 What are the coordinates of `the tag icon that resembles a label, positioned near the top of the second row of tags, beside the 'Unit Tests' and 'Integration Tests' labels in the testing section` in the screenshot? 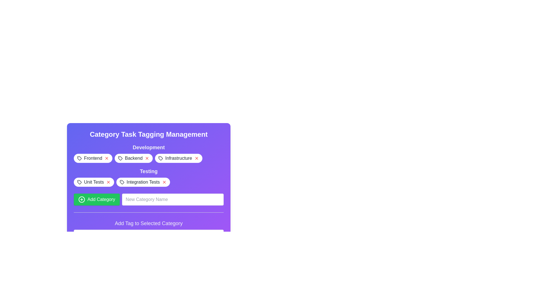 It's located at (79, 182).